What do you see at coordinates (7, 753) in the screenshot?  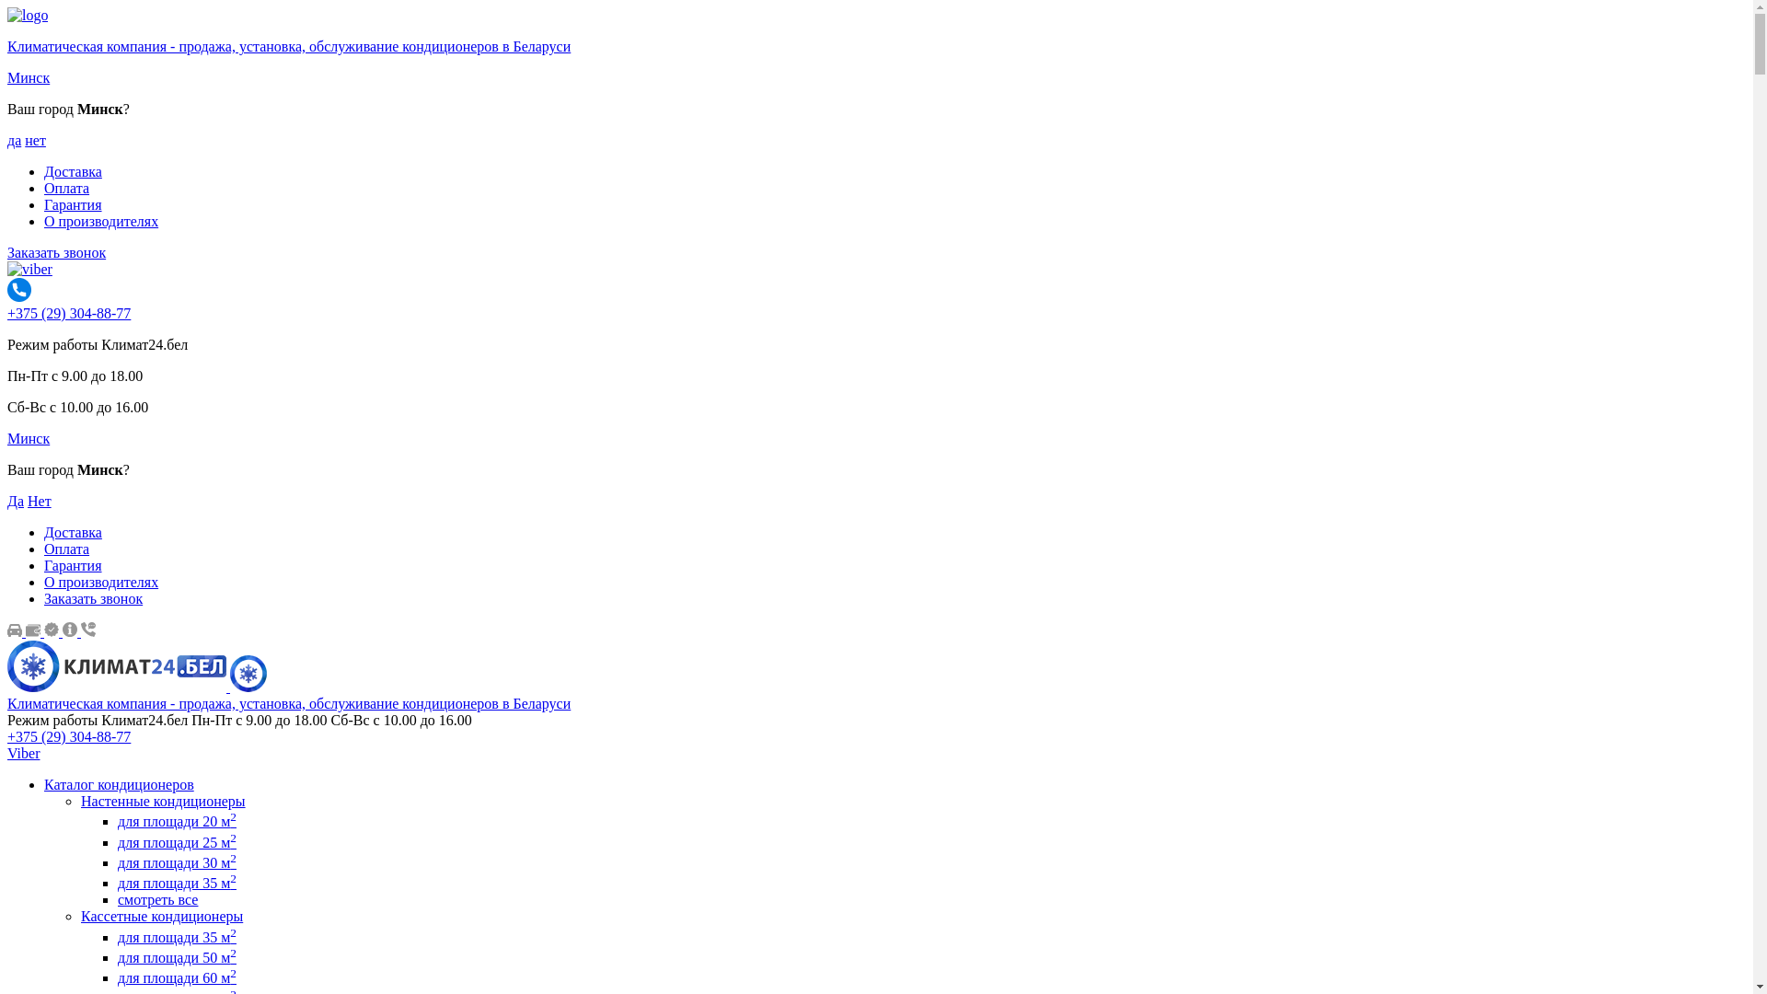 I see `'Viber'` at bounding box center [7, 753].